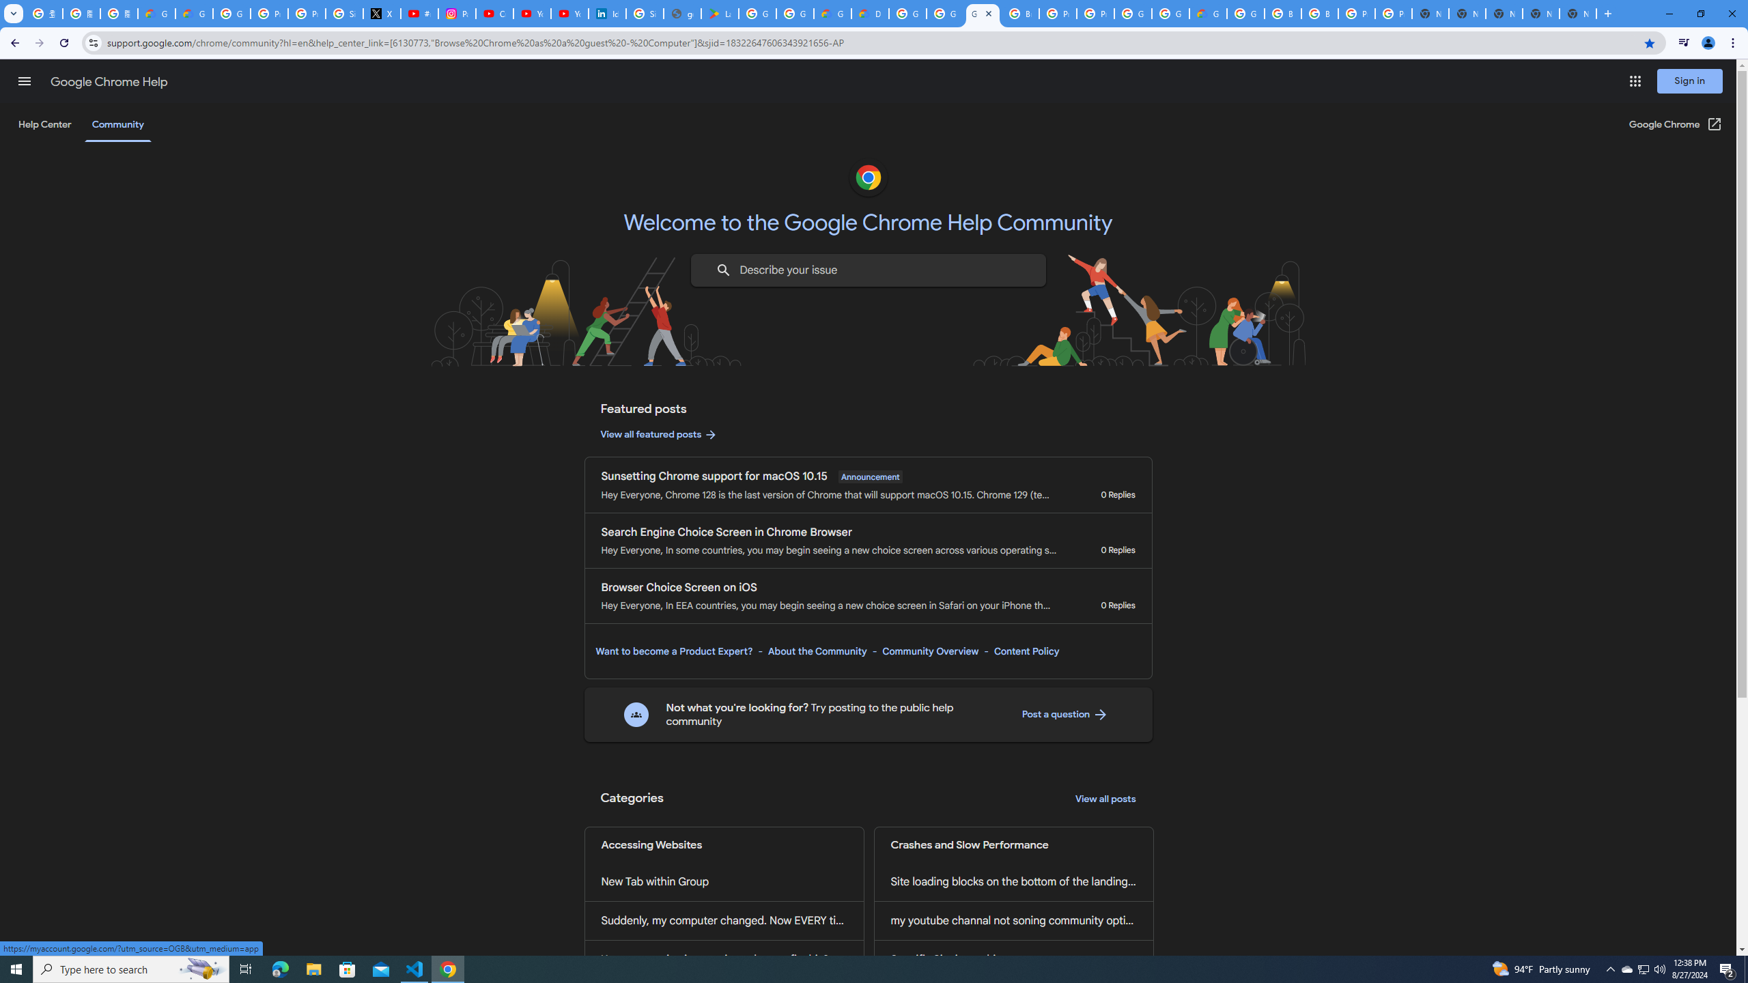 The height and width of the screenshot is (983, 1748). I want to click on 'Last Shelter: Survival - Apps on Google Play', so click(719, 13).